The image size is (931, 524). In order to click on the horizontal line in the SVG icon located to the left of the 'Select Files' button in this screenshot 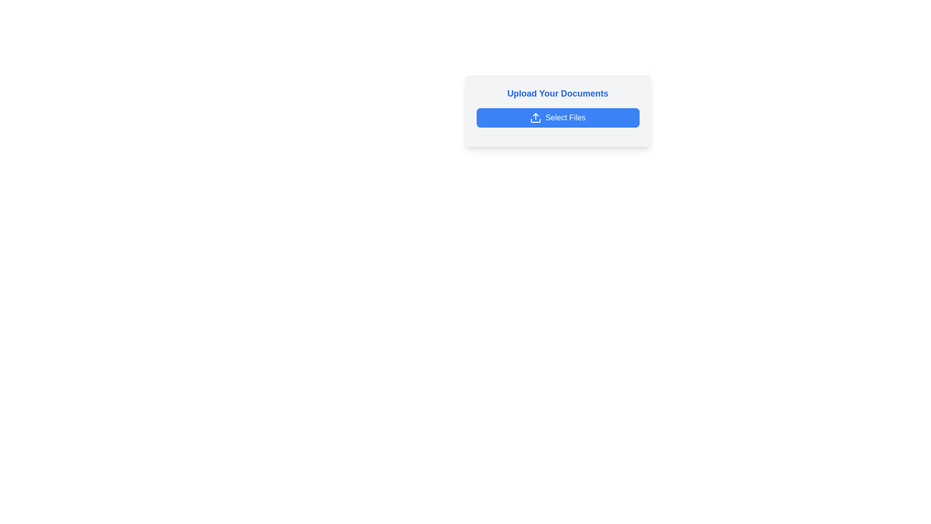, I will do `click(535, 120)`.